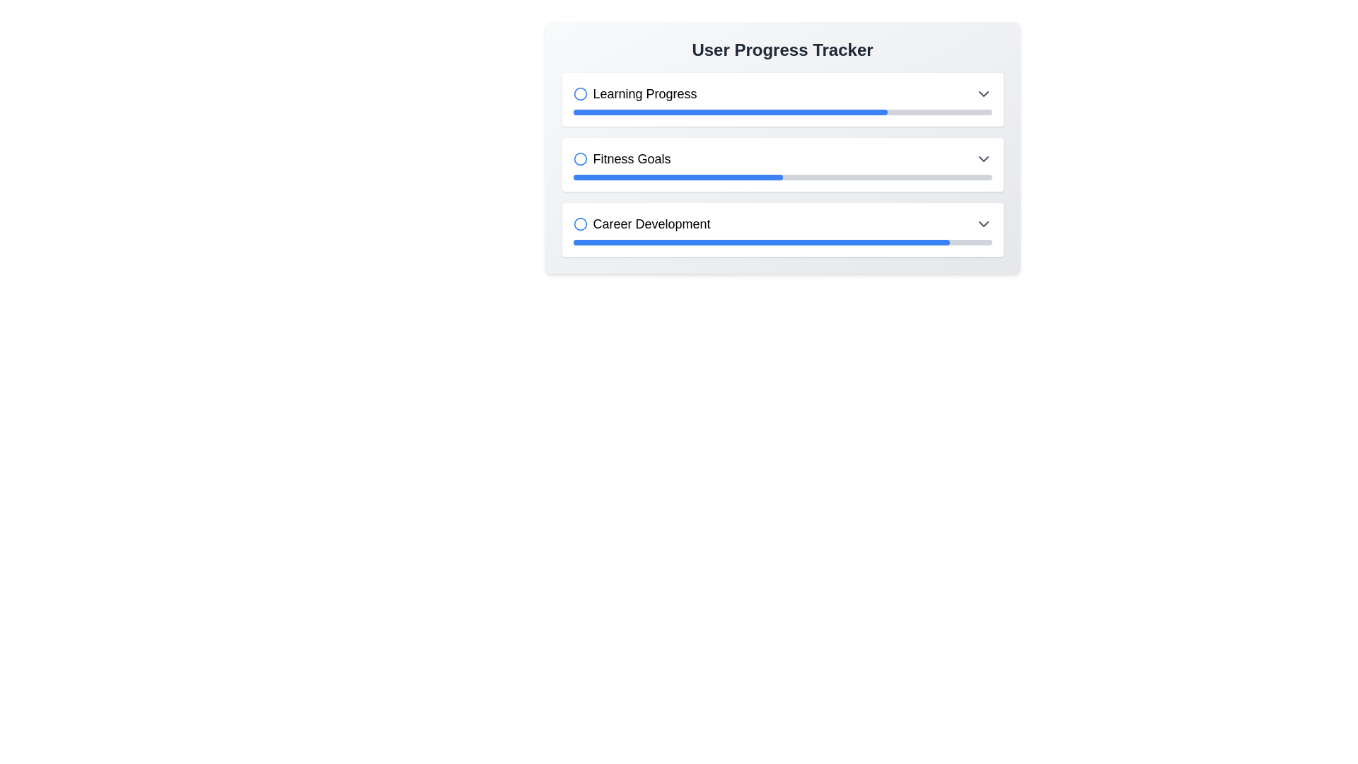  Describe the element at coordinates (580, 93) in the screenshot. I see `the icon located at the far-left side of the row containing the 'Learning Progress' indicator` at that location.